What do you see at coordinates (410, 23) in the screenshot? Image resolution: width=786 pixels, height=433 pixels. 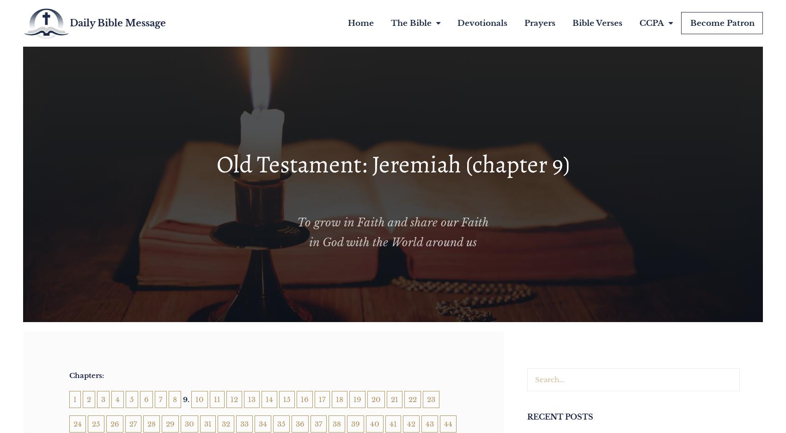 I see `'The Bible'` at bounding box center [410, 23].